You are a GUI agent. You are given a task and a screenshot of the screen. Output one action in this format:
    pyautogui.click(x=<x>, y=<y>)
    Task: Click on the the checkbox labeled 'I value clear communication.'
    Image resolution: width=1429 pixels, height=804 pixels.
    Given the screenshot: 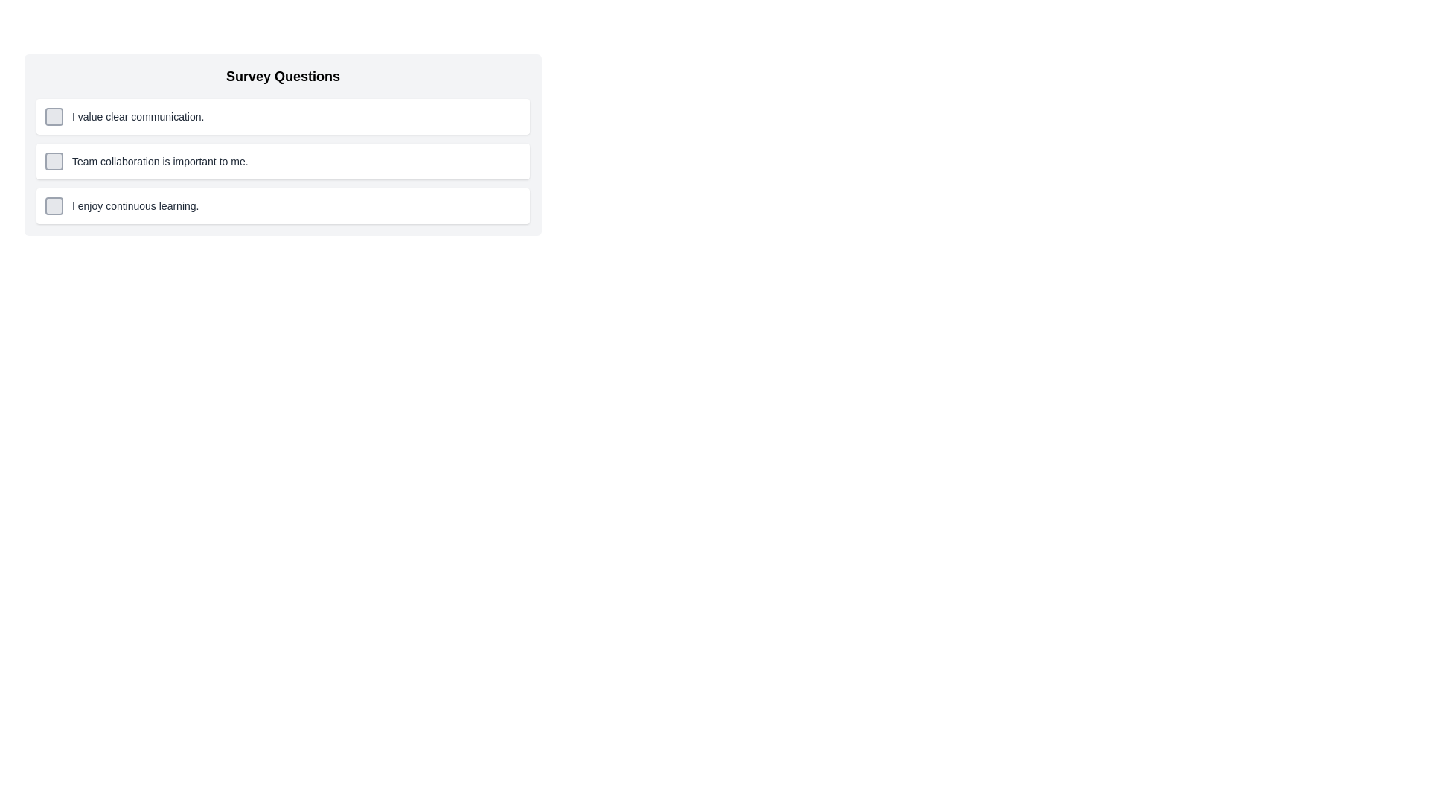 What is the action you would take?
    pyautogui.click(x=283, y=116)
    